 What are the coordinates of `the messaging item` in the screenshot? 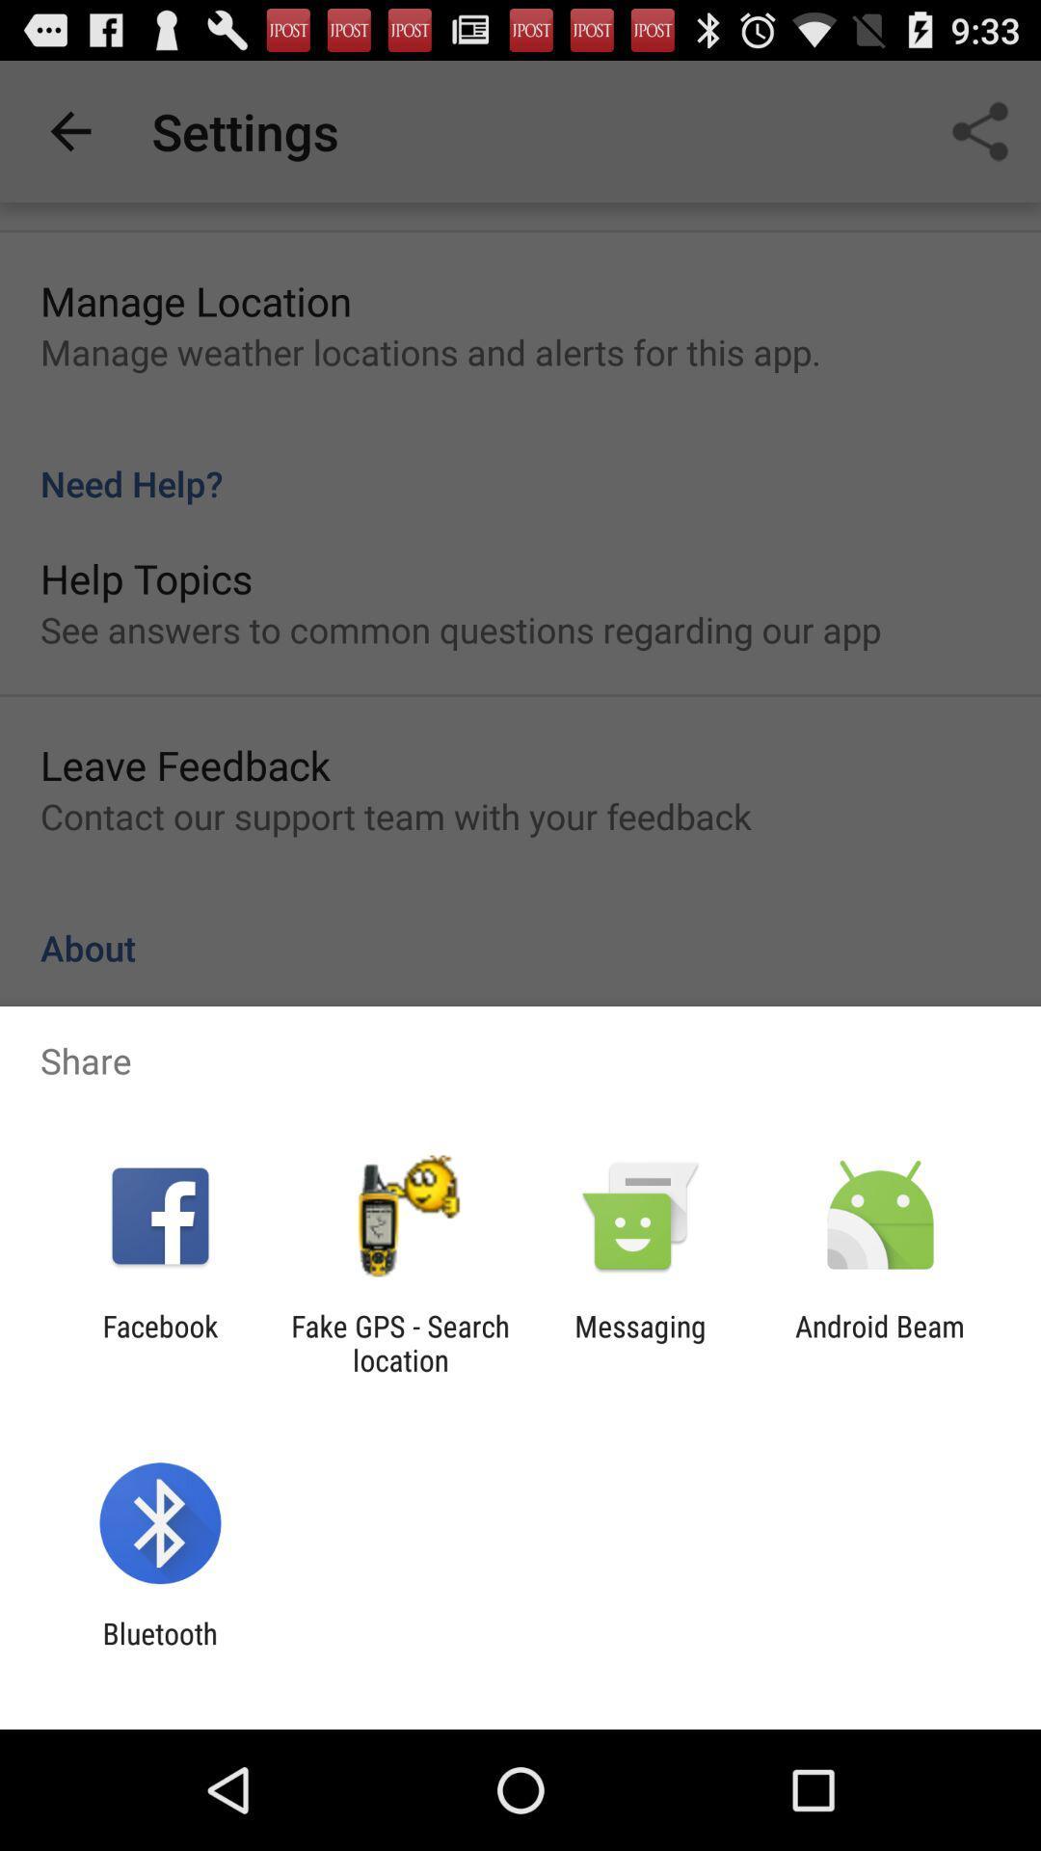 It's located at (640, 1342).